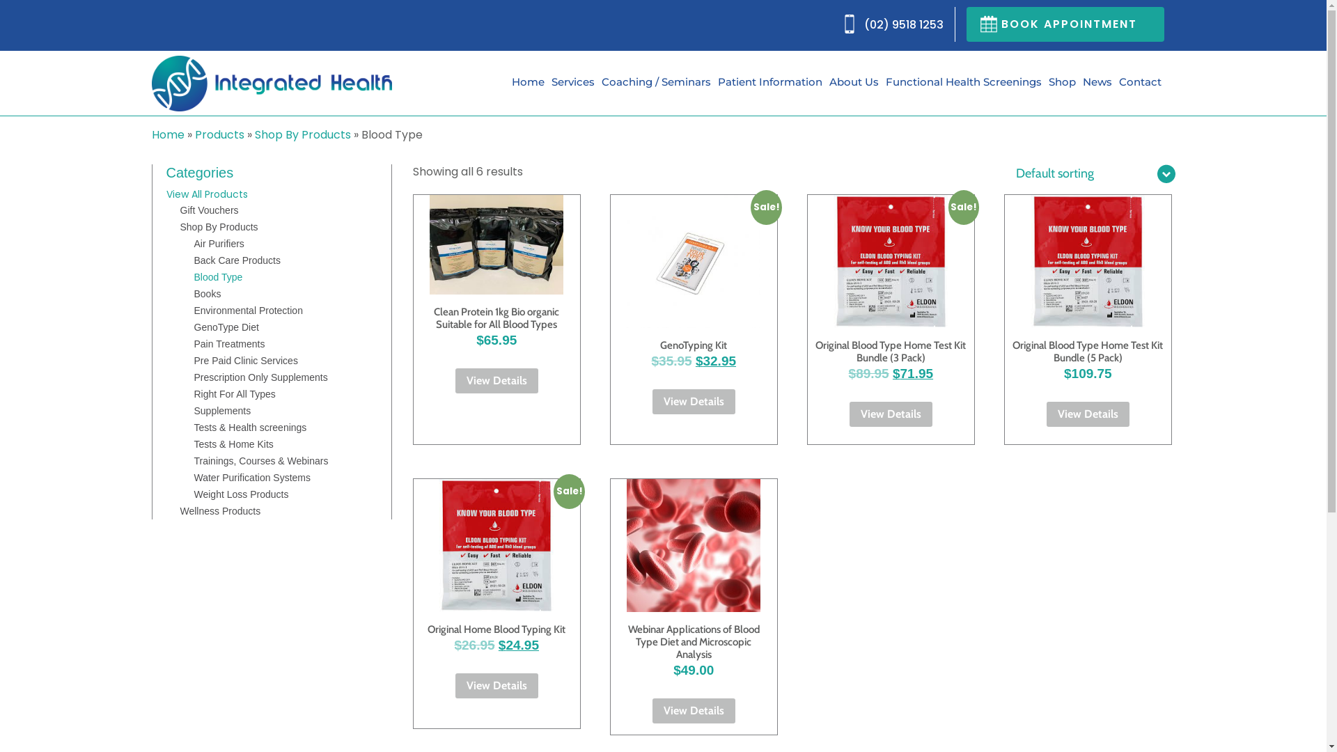 The image size is (1337, 752). I want to click on 'Environmental Protection', so click(247, 310).